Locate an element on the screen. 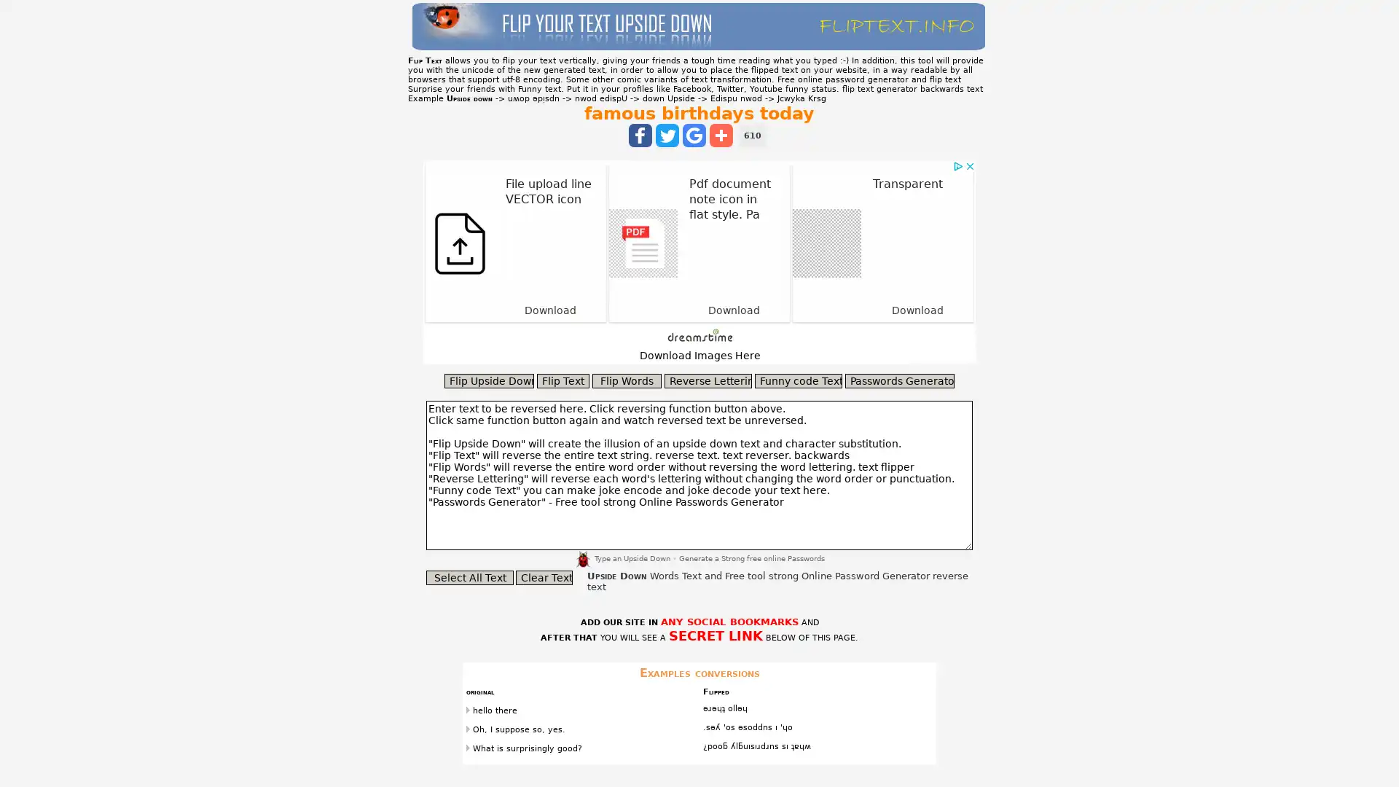 The image size is (1399, 787). Reverse Lettering is located at coordinates (708, 380).